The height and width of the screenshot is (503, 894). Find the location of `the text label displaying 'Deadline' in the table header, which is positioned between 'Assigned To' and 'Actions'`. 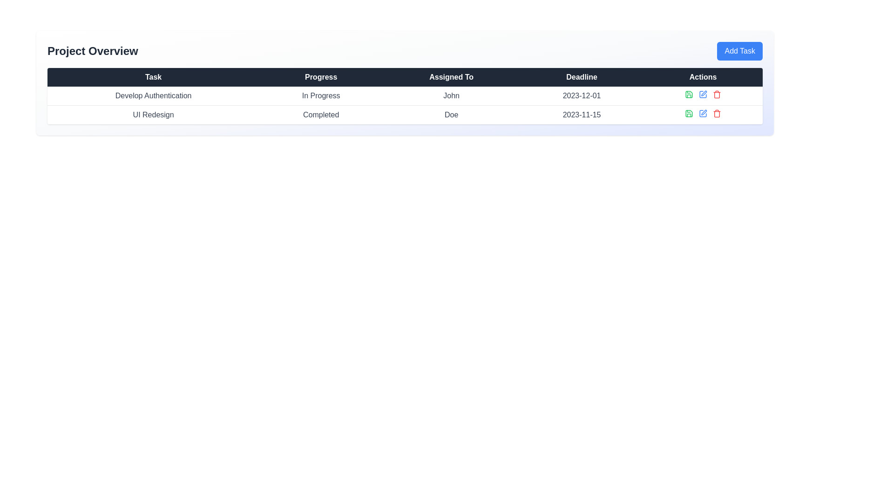

the text label displaying 'Deadline' in the table header, which is positioned between 'Assigned To' and 'Actions' is located at coordinates (581, 76).